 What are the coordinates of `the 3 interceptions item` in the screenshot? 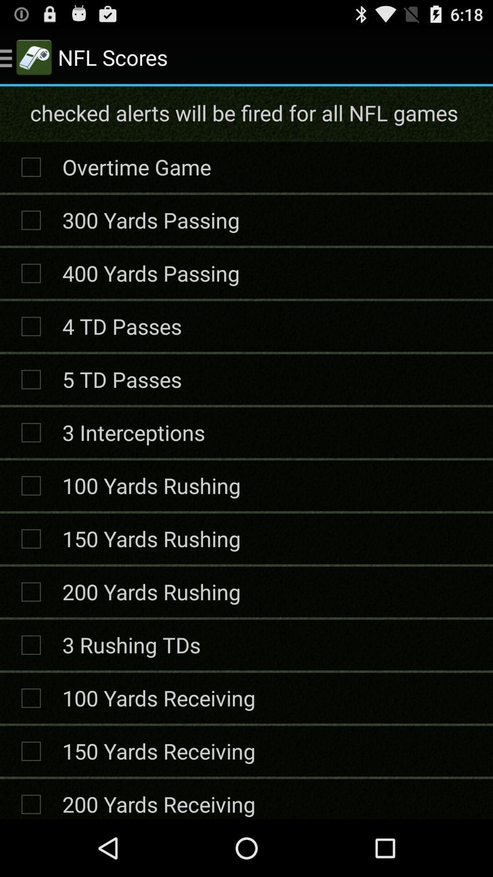 It's located at (133, 432).